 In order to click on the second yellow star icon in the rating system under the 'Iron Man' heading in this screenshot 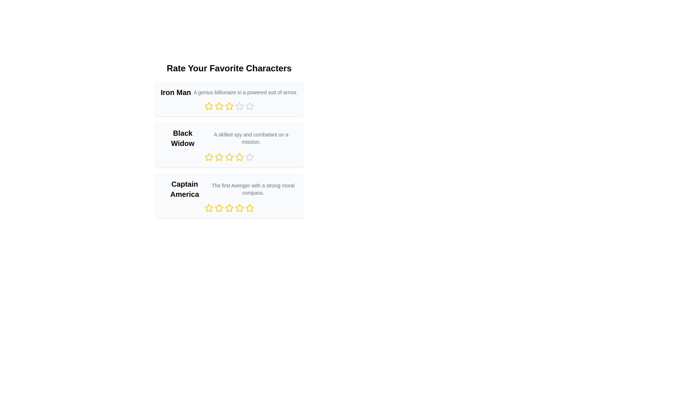, I will do `click(218, 106)`.